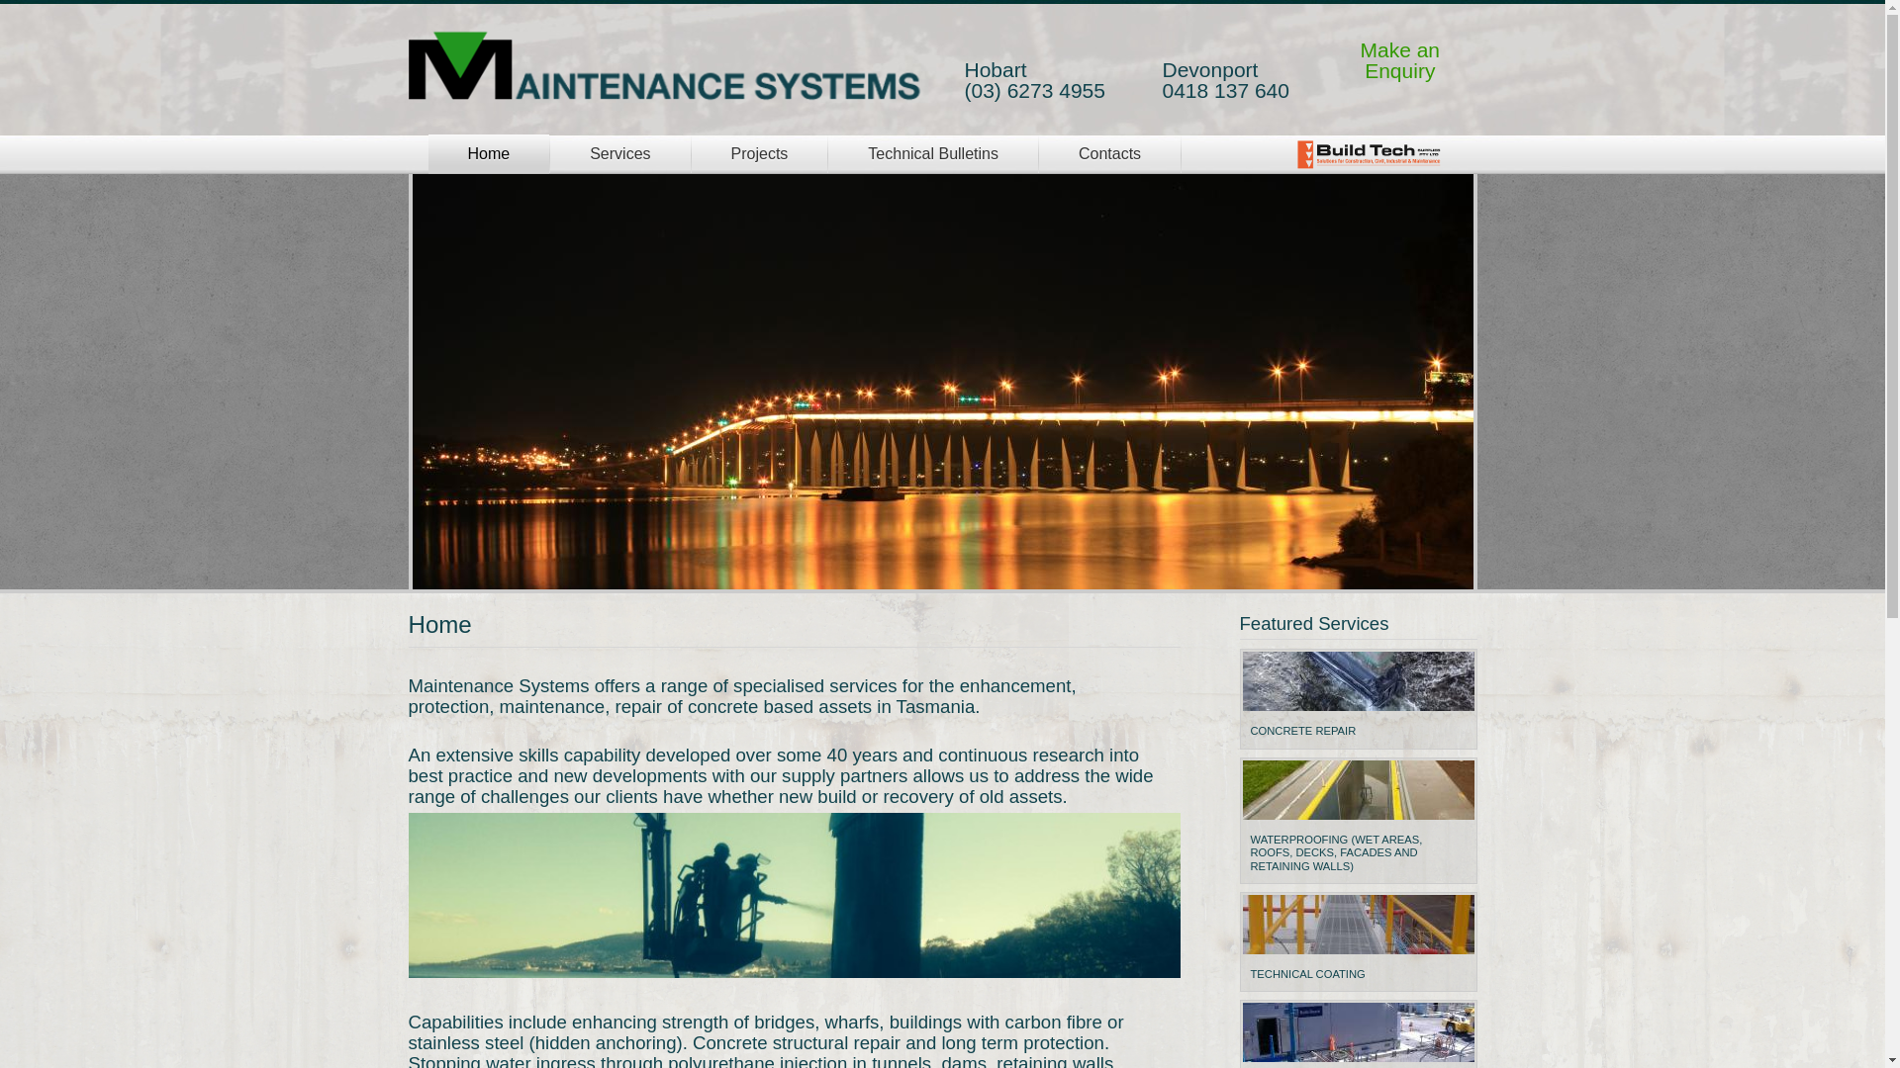 The image size is (1900, 1068). What do you see at coordinates (1358, 59) in the screenshot?
I see `'Make an` at bounding box center [1358, 59].